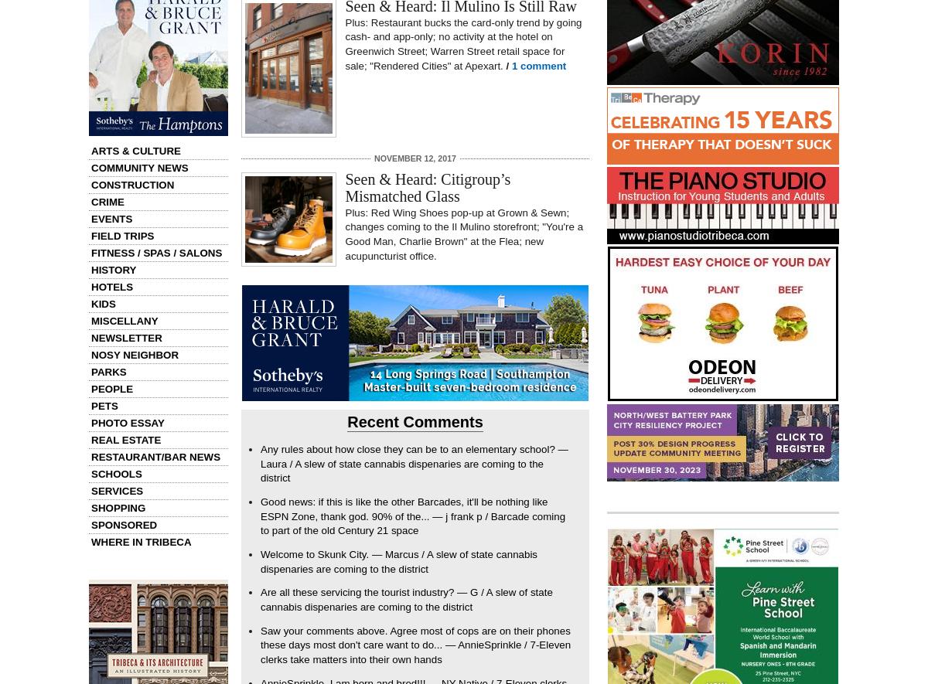 The width and height of the screenshot is (928, 684). Describe the element at coordinates (111, 286) in the screenshot. I see `'Hotels'` at that location.